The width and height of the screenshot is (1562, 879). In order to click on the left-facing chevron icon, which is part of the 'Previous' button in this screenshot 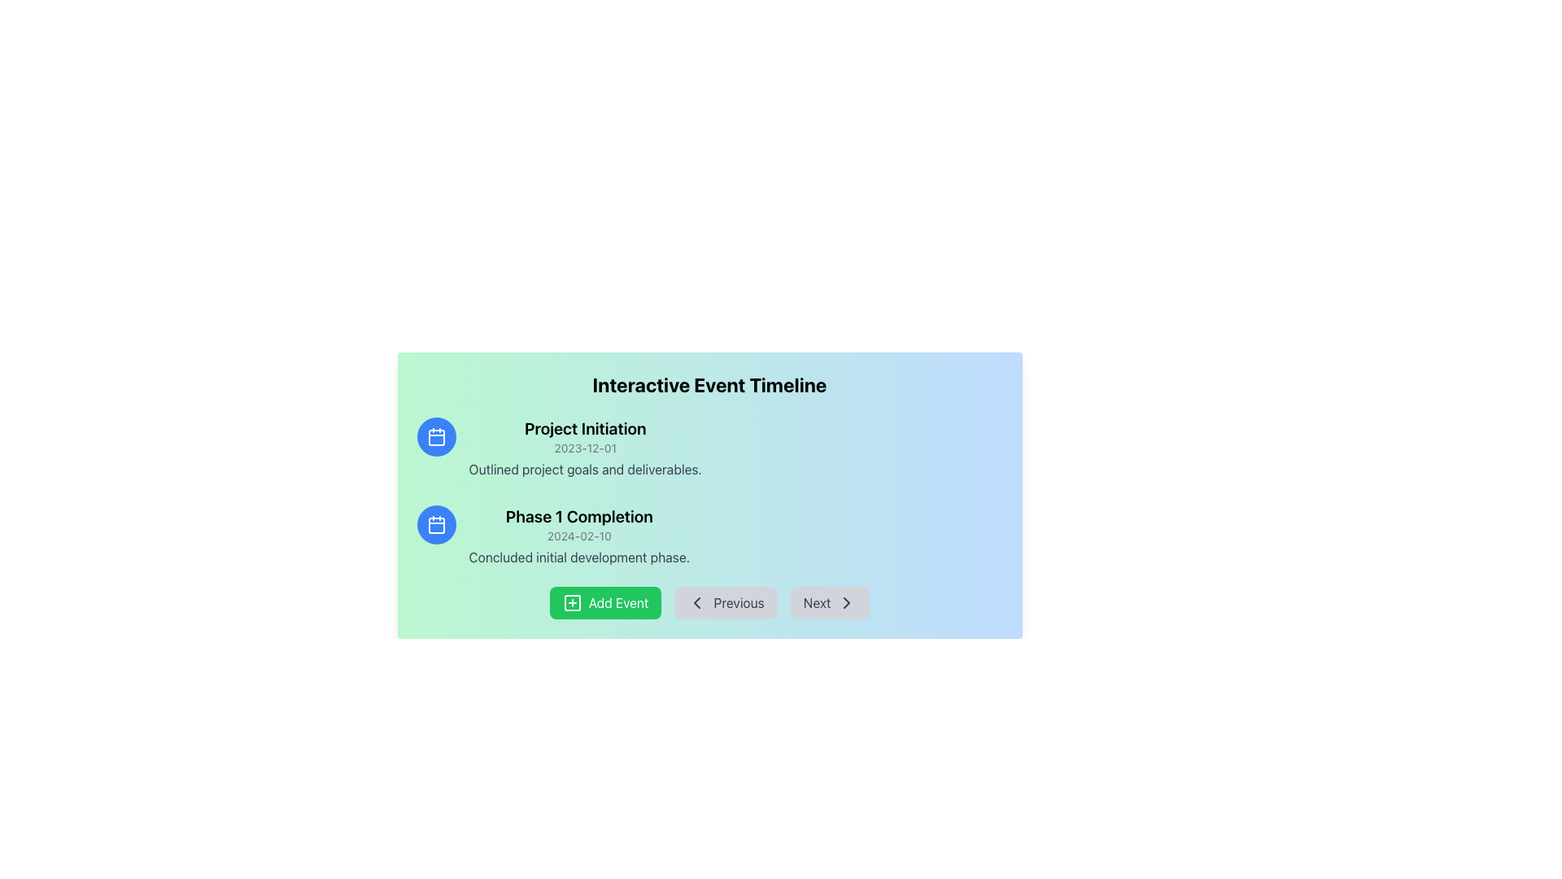, I will do `click(697, 602)`.